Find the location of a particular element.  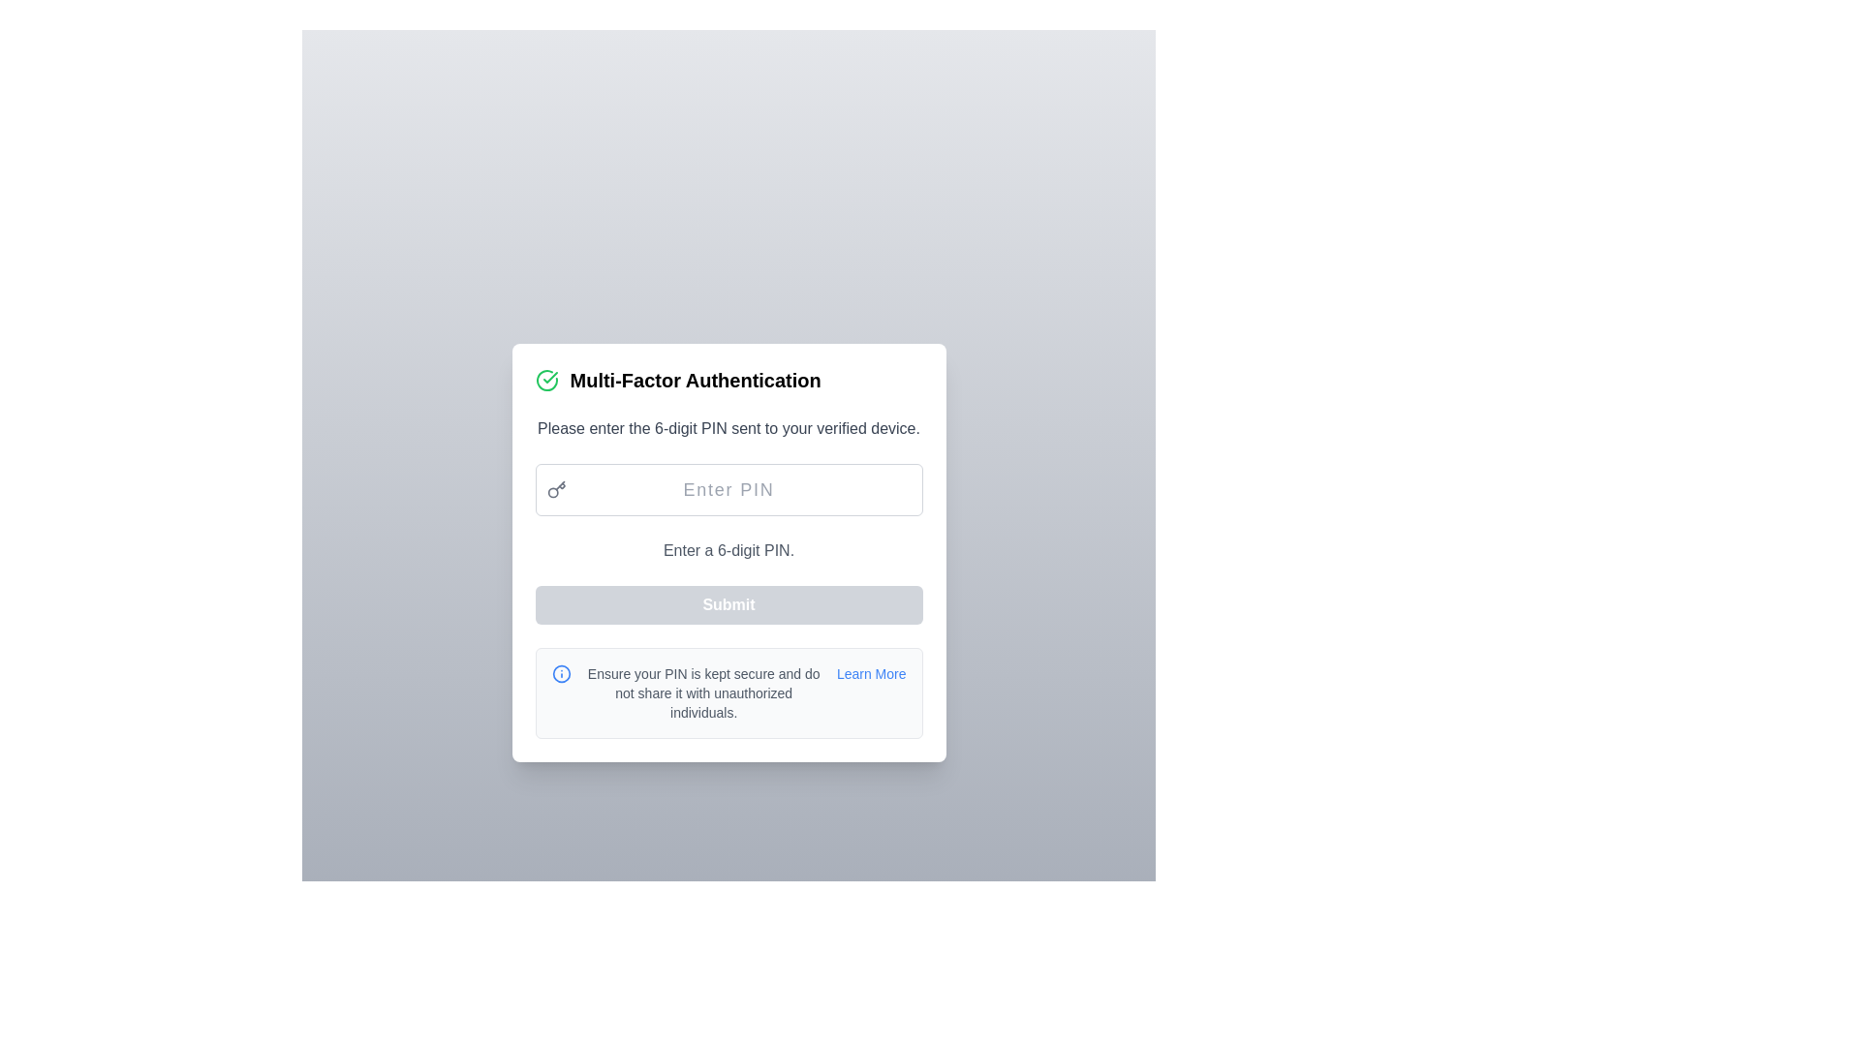

the descriptive instruction text for entering the verification PIN, which is located centrally within the authentication form, below the title 'Multi-Factor Authentication' and above the PIN input field is located at coordinates (728, 428).